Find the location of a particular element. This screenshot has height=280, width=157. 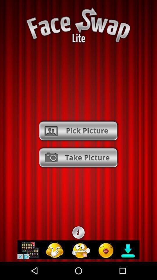

more information is located at coordinates (78, 232).